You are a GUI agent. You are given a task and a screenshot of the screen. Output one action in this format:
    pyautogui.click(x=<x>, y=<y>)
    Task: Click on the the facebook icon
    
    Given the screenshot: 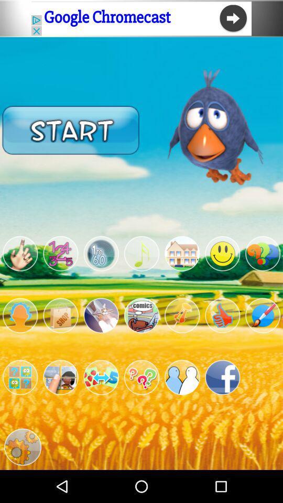 What is the action you would take?
    pyautogui.click(x=222, y=403)
    